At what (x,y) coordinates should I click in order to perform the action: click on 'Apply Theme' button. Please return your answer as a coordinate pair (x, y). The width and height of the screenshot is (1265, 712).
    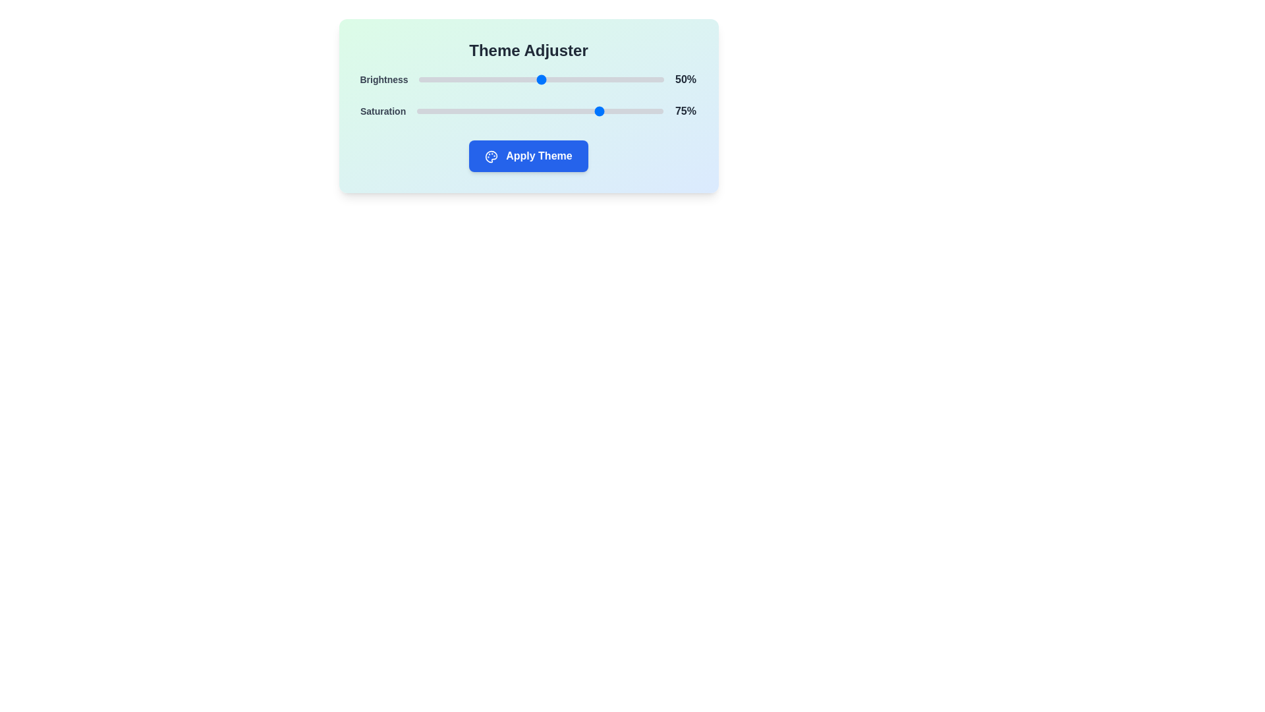
    Looking at the image, I should click on (528, 155).